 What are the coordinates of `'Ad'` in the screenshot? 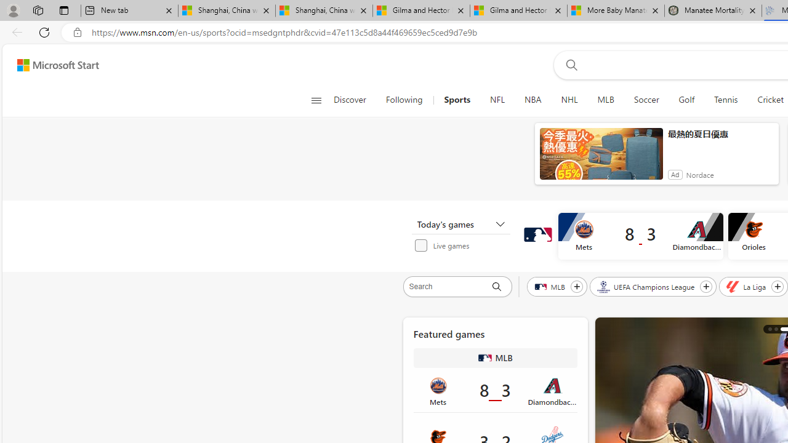 It's located at (674, 175).